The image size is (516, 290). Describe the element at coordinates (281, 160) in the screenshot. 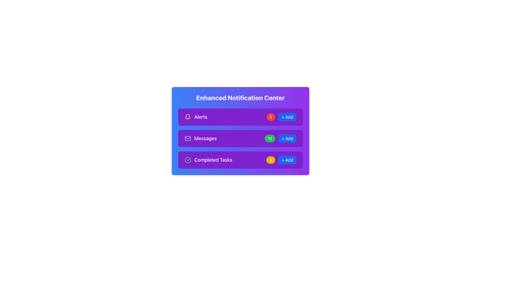

I see `the yellow circular badge displaying the number '3' next to the '+ Add' button` at that location.